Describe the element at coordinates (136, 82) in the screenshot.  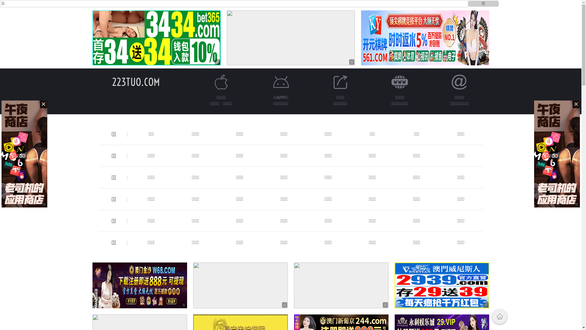
I see `'223TUO.COM'` at that location.